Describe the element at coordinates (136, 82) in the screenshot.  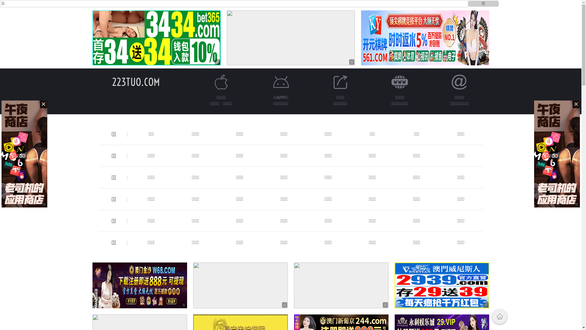
I see `'223TUO.COM'` at that location.